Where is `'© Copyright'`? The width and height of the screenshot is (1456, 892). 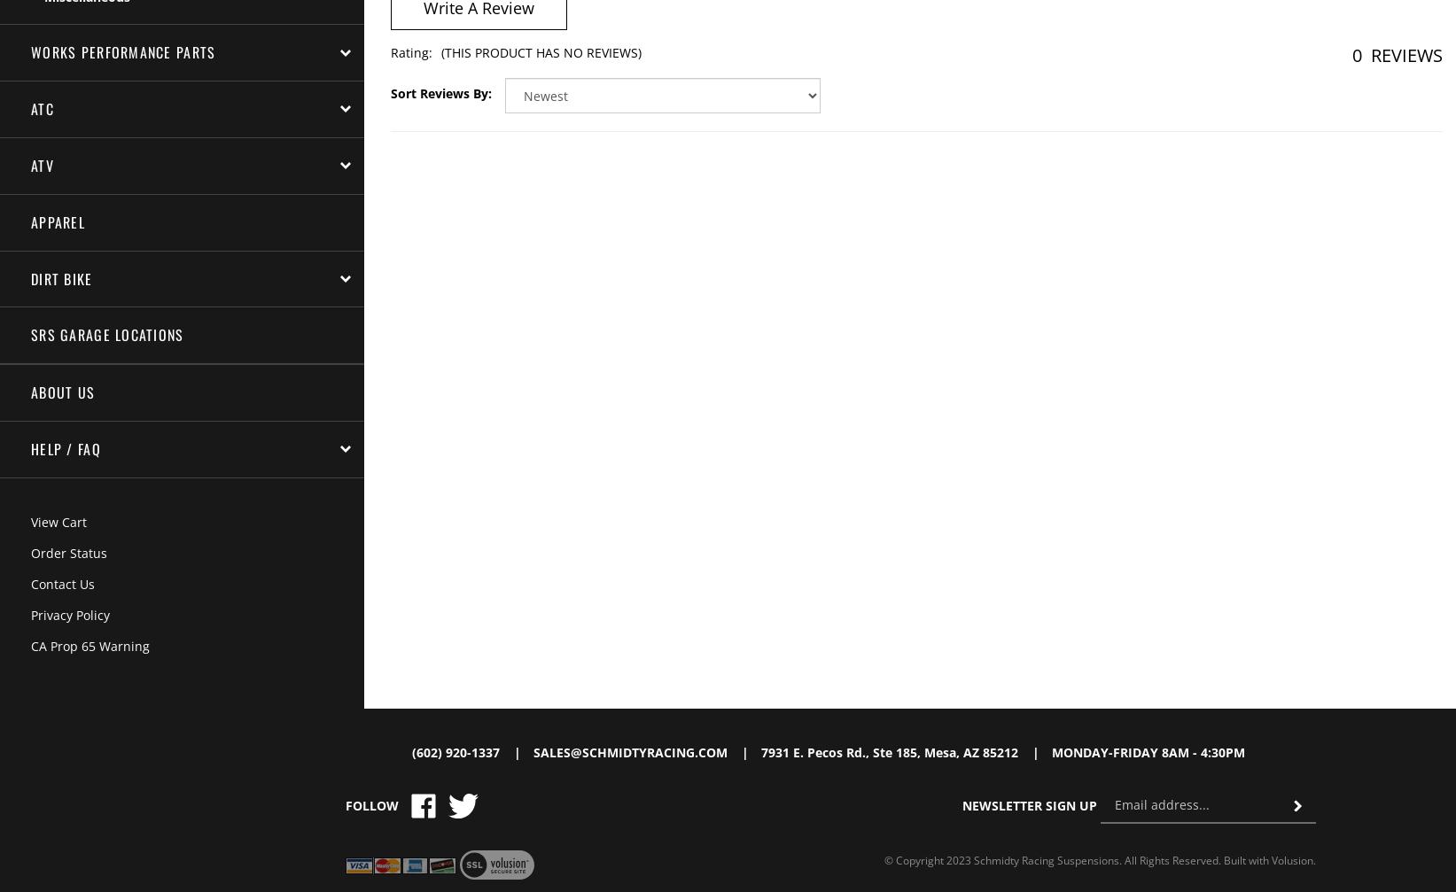 '© Copyright' is located at coordinates (914, 858).